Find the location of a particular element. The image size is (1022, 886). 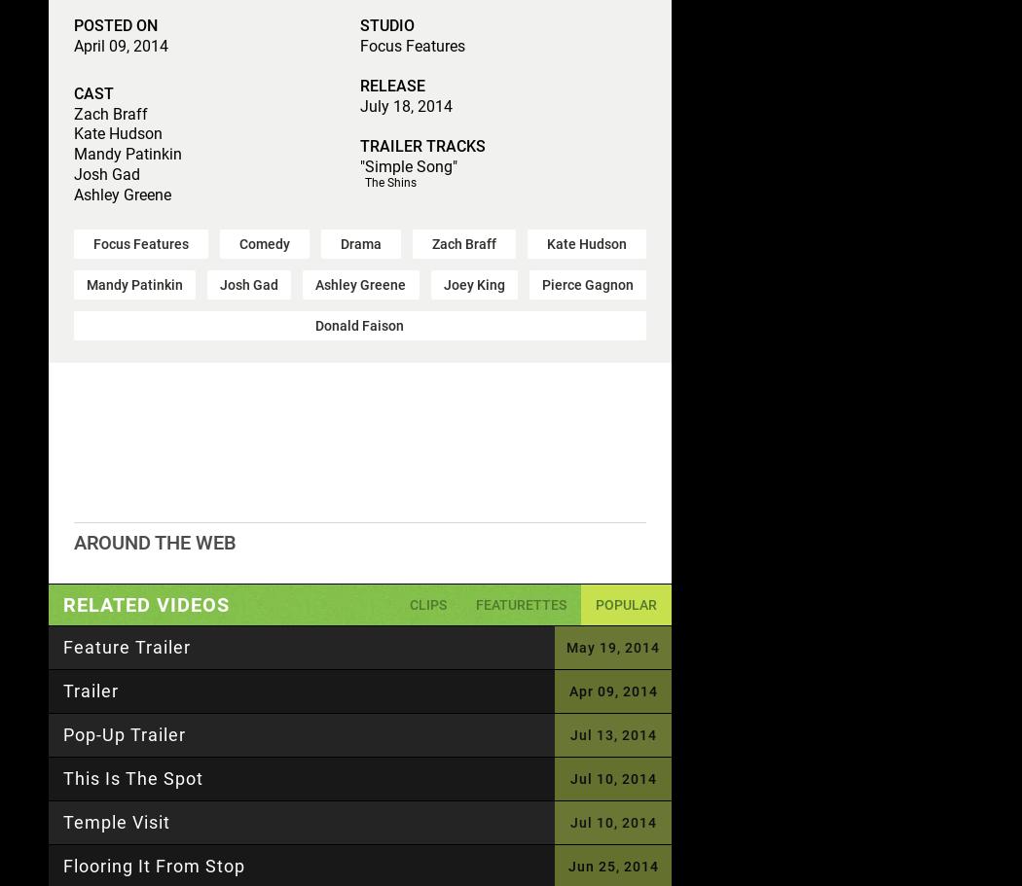

'Drama' is located at coordinates (359, 241).